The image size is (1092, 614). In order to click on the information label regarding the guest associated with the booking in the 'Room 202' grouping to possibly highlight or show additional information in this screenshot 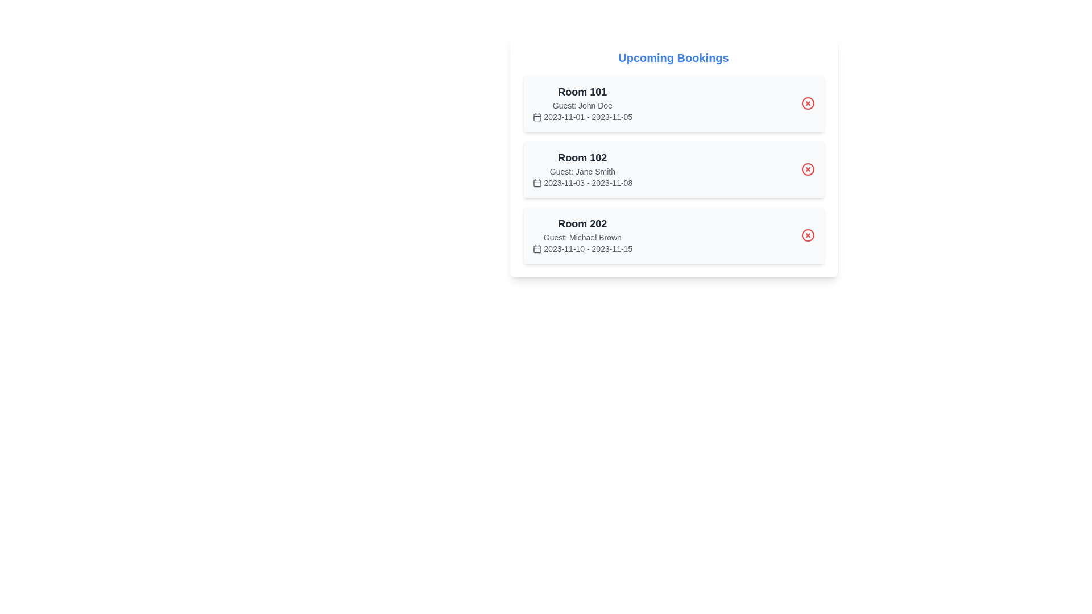, I will do `click(582, 237)`.